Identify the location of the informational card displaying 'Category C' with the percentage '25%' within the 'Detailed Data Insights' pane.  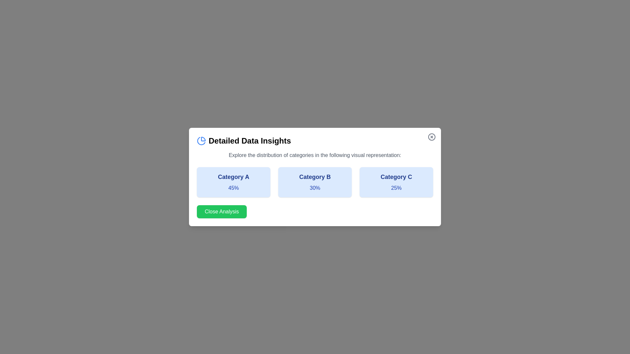
(396, 182).